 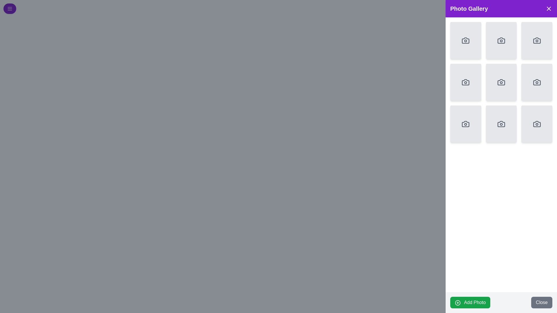 What do you see at coordinates (541, 302) in the screenshot?
I see `the 'Close' button, which is a rectangular button with rounded corners, gray background, and white text, located in the bottom-right corner of the interface` at bounding box center [541, 302].